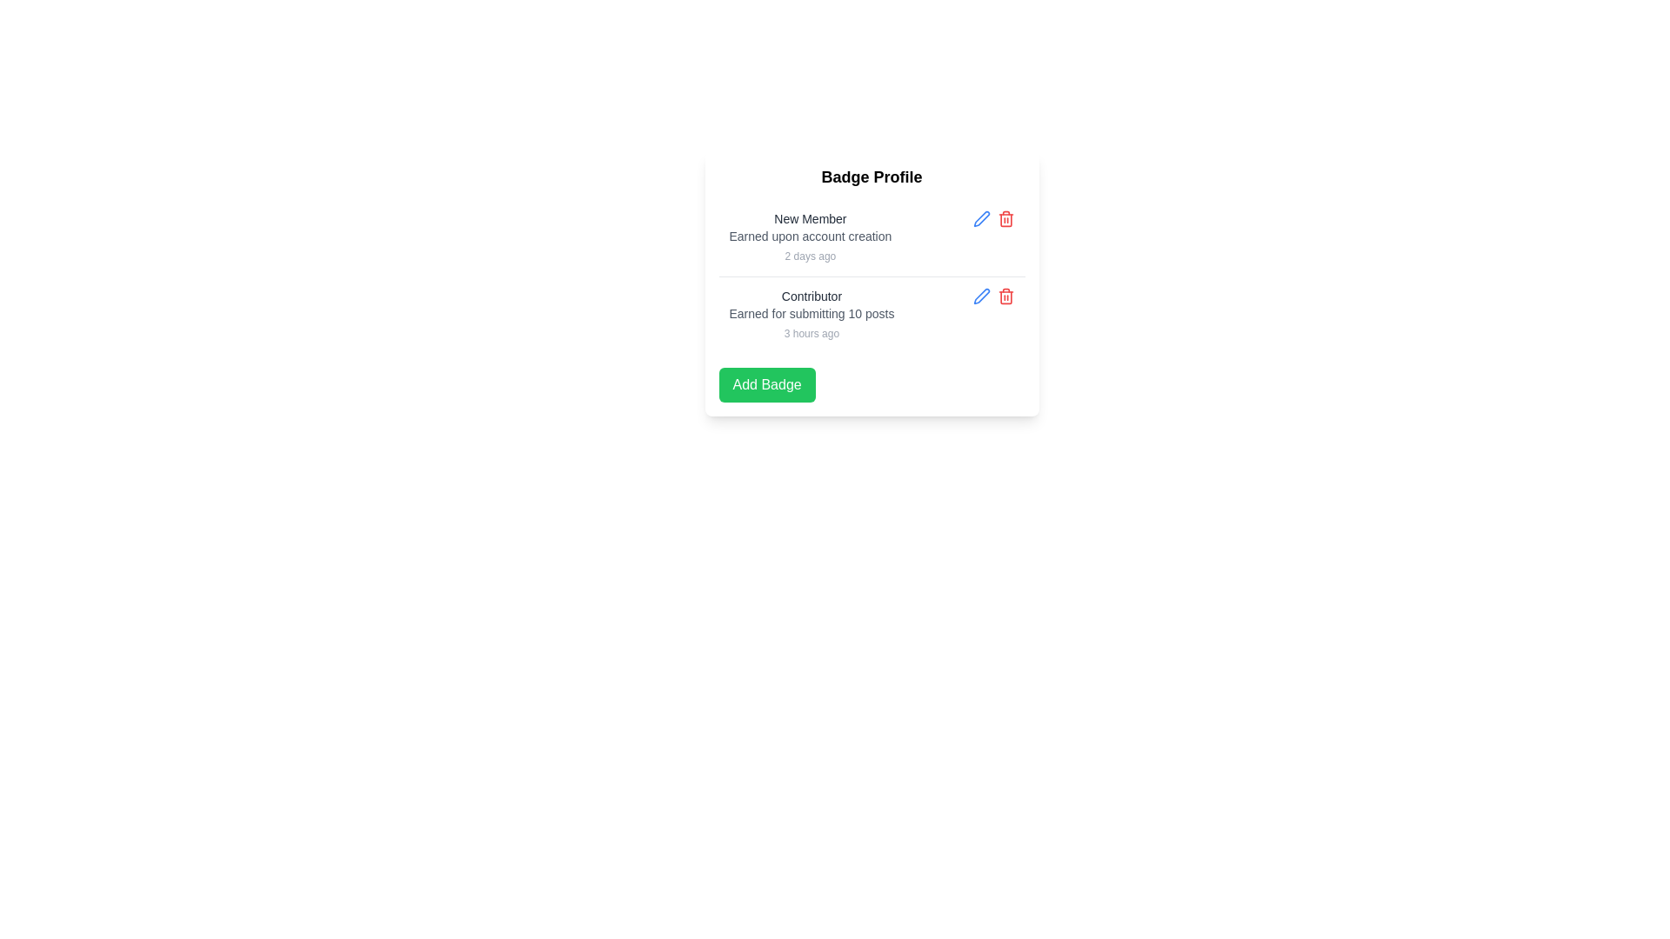 This screenshot has width=1670, height=939. What do you see at coordinates (1005, 295) in the screenshot?
I see `the red-colored trash icon in the Badge Profile section` at bounding box center [1005, 295].